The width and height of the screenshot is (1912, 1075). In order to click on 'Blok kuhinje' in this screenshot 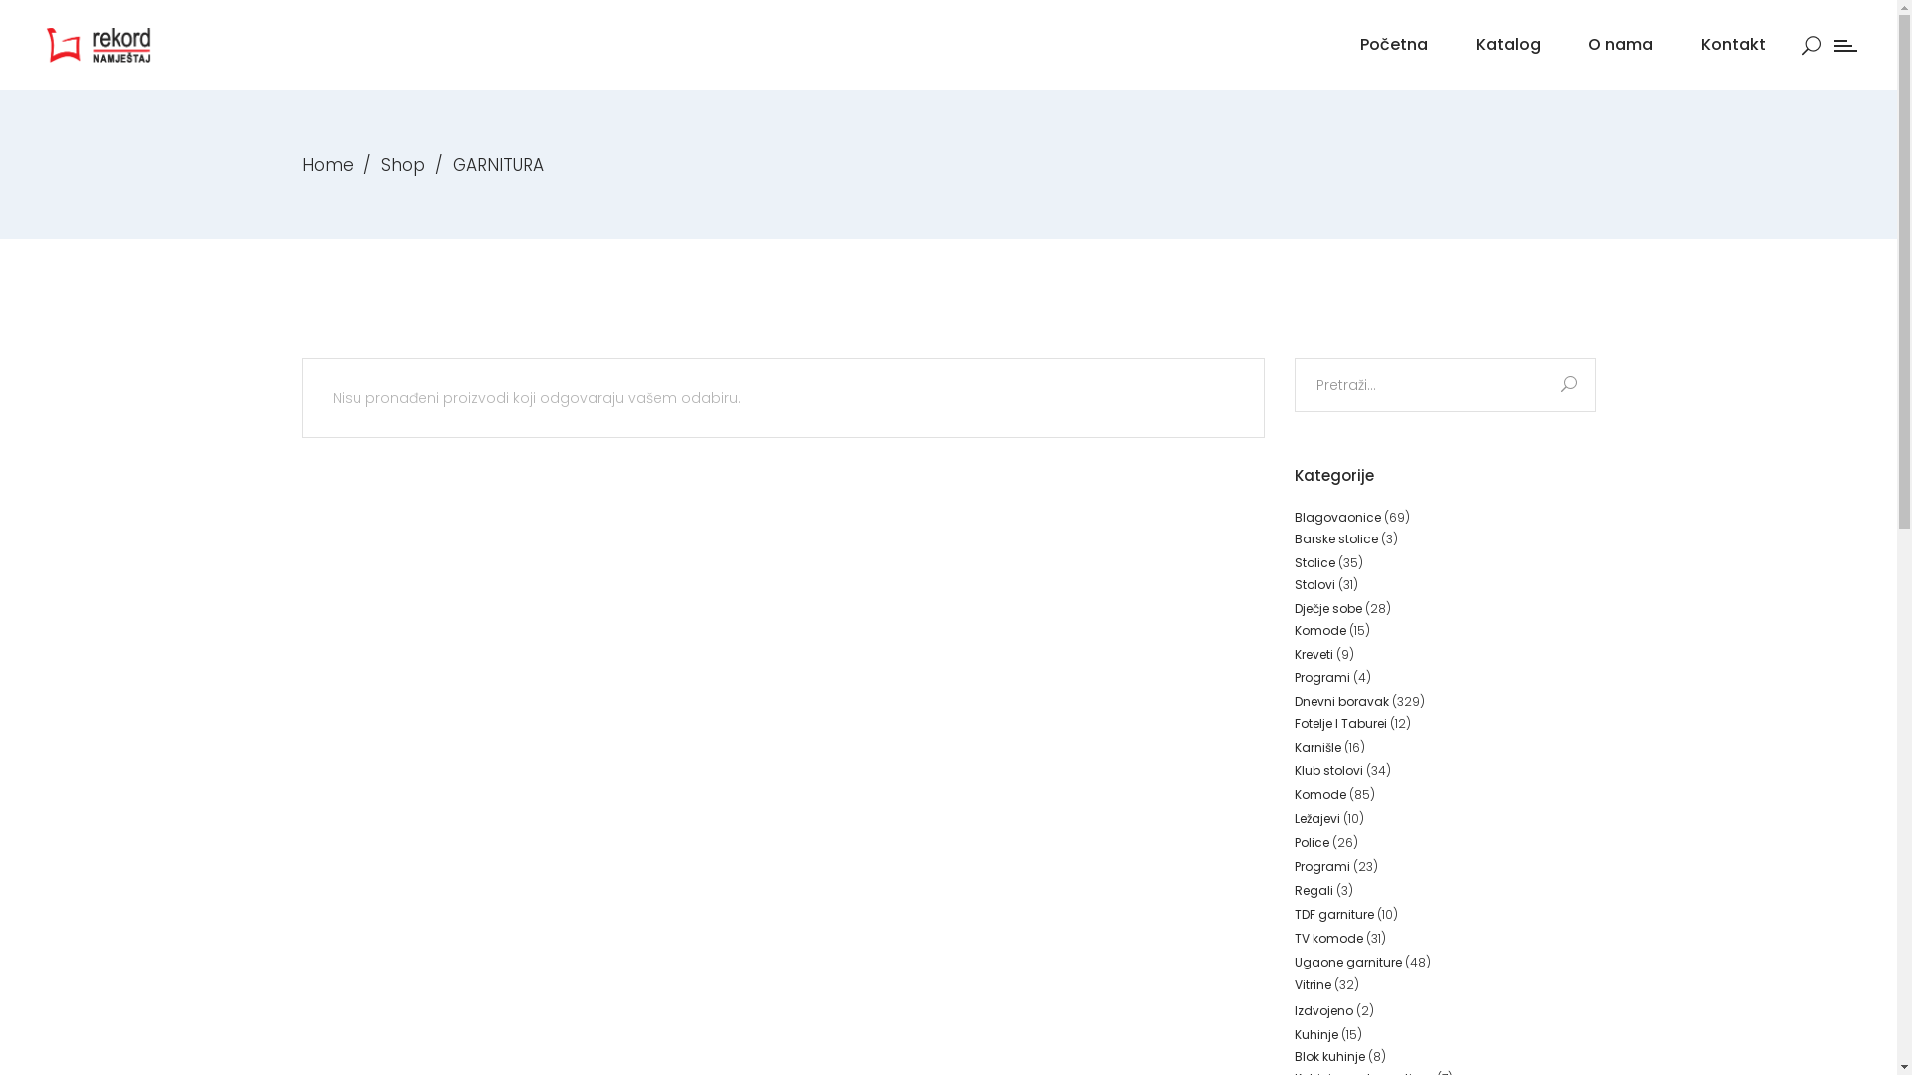, I will do `click(1329, 1055)`.